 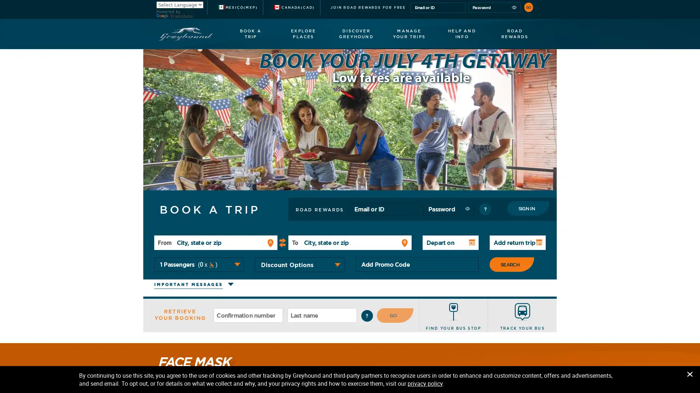 I want to click on Total passengers number 1 Passengers 0 Wheelchair, so click(x=199, y=264).